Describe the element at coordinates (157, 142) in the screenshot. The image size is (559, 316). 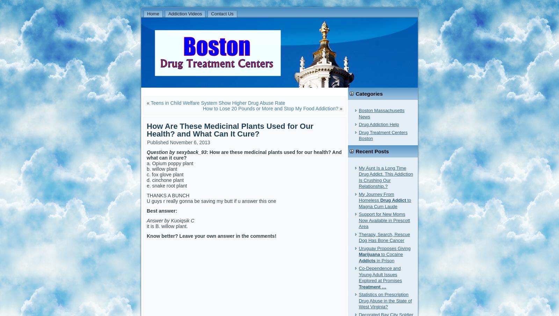
I see `'Published'` at that location.